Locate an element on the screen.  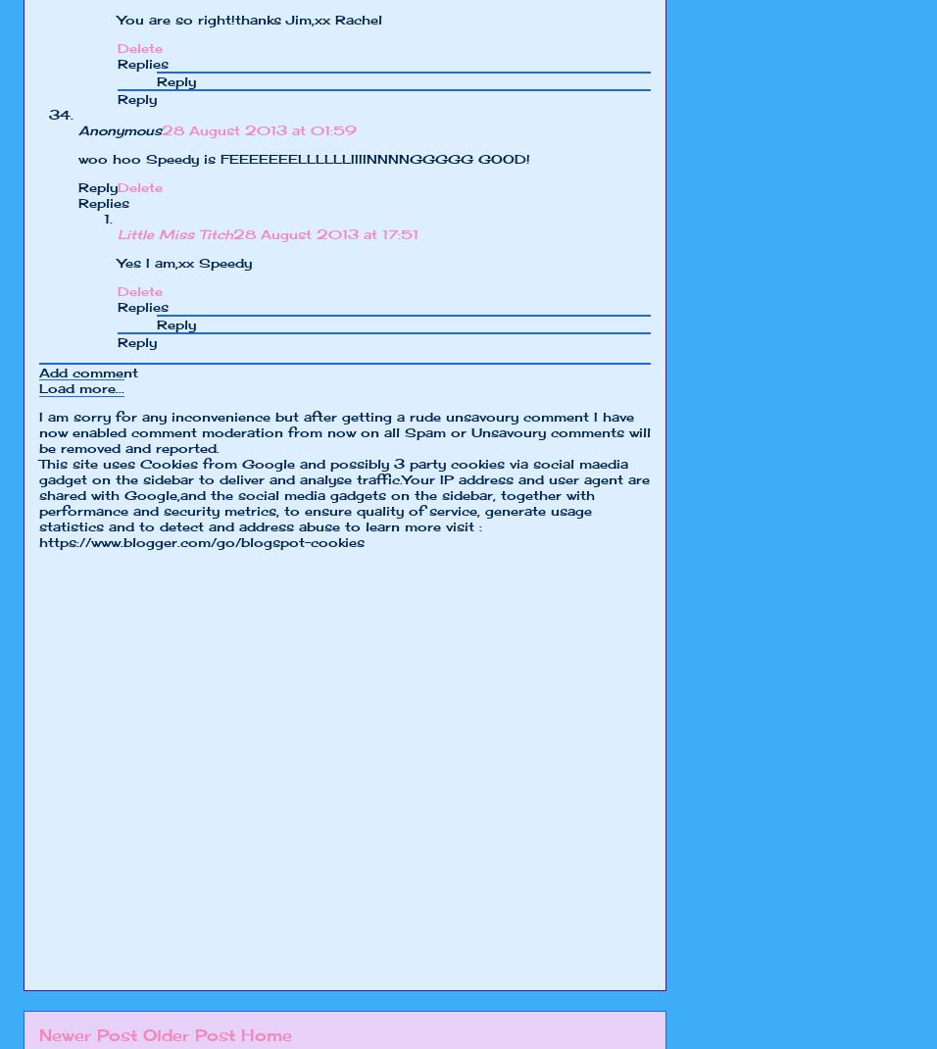
'28 August 2013 at 17:51' is located at coordinates (233, 233).